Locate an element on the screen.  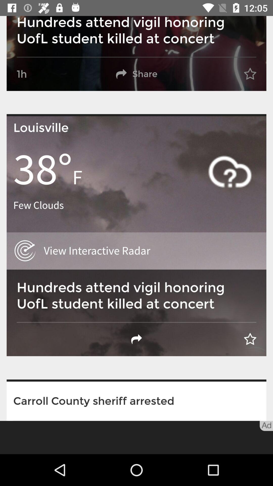
the star icon shown right to share is located at coordinates (250, 74).